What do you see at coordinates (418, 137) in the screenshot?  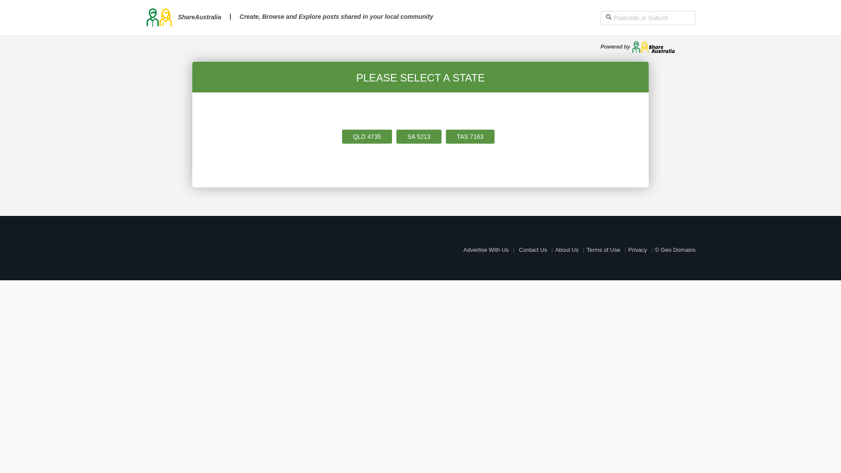 I see `'SA 5213'` at bounding box center [418, 137].